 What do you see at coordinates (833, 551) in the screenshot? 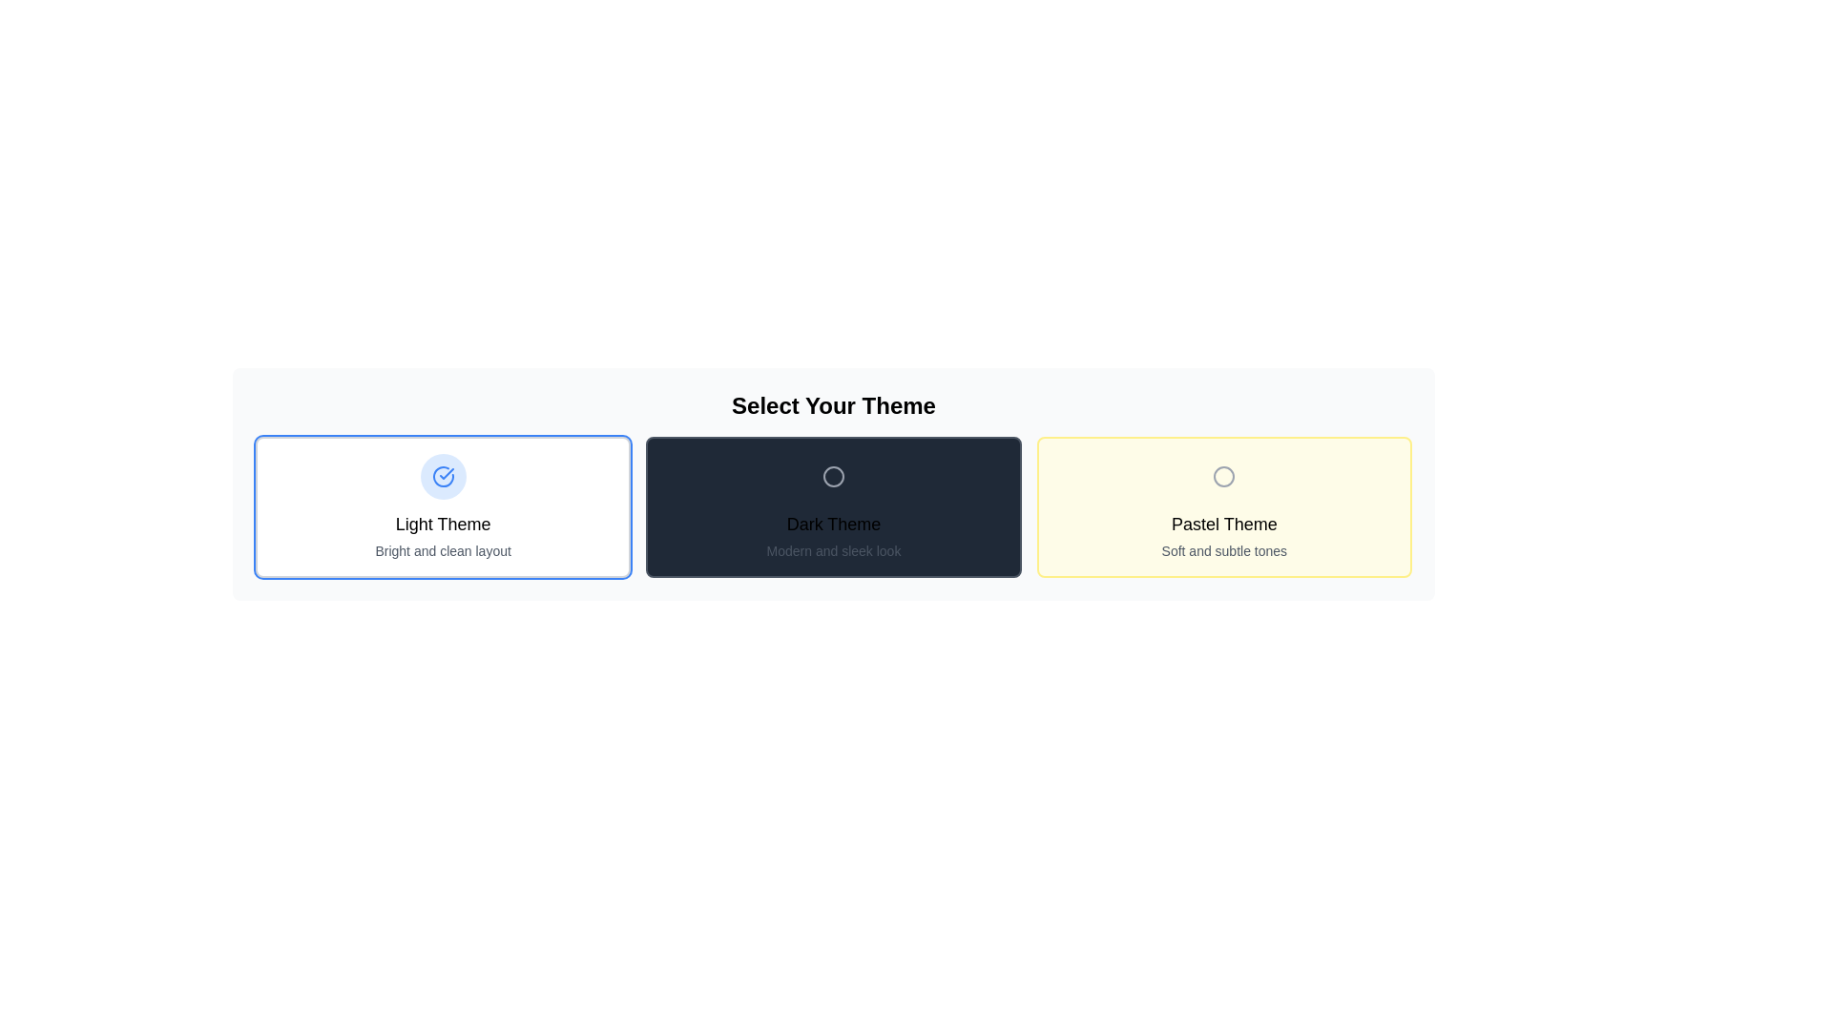
I see `the text label displaying 'Modern and sleek look', which is styled in a small, gray font and located at the bottom-center of the 'Dark Theme' card` at bounding box center [833, 551].